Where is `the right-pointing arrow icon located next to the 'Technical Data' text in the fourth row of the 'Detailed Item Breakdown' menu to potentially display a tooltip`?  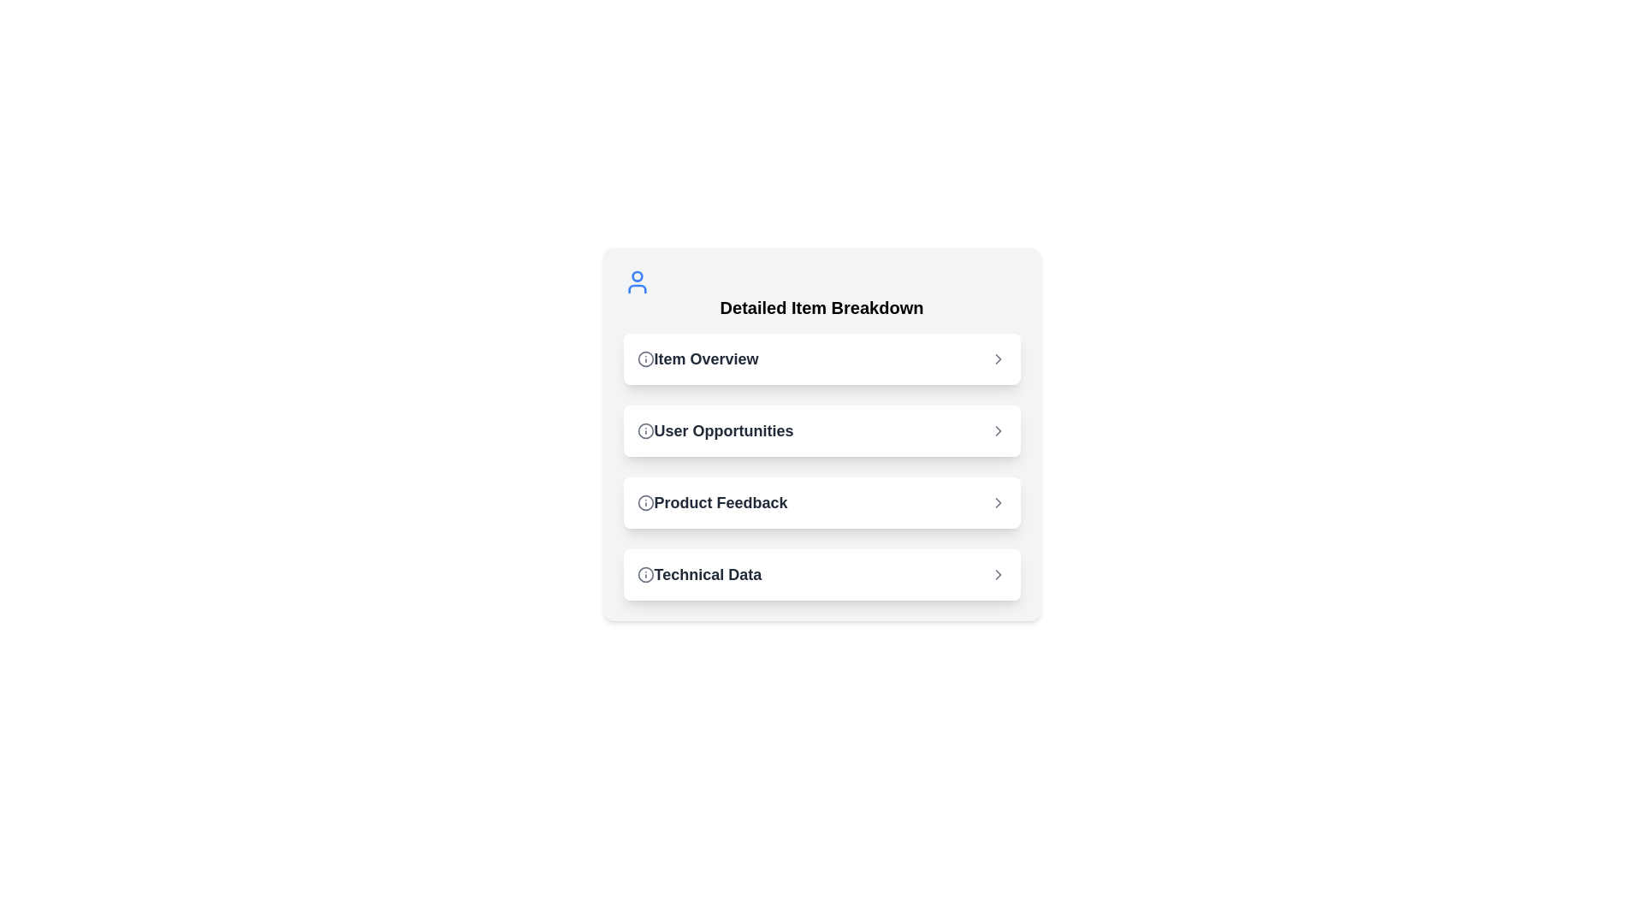
the right-pointing arrow icon located next to the 'Technical Data' text in the fourth row of the 'Detailed Item Breakdown' menu to potentially display a tooltip is located at coordinates (998, 574).